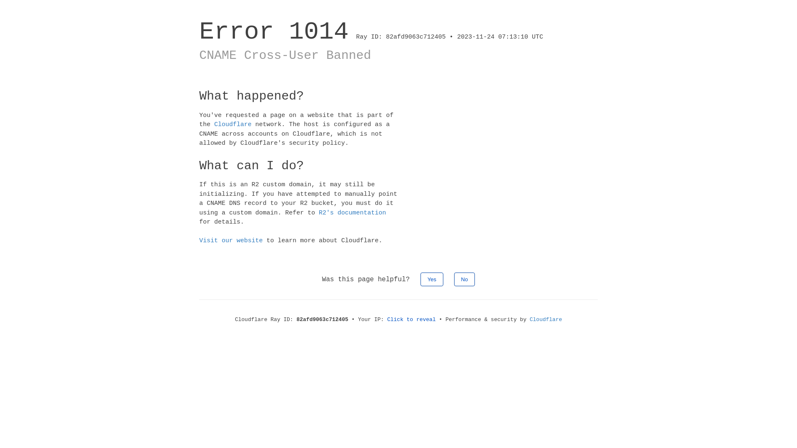 Image resolution: width=797 pixels, height=448 pixels. I want to click on 'Click to reveal', so click(386, 319).